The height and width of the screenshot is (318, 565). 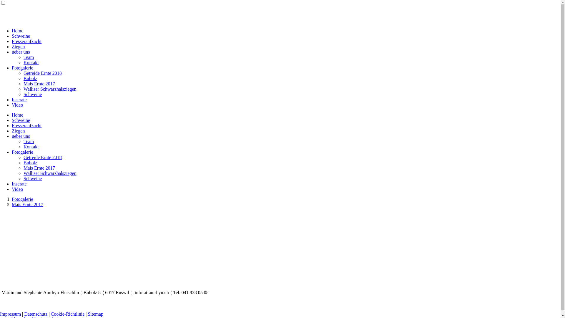 What do you see at coordinates (95, 314) in the screenshot?
I see `'Sitemap'` at bounding box center [95, 314].